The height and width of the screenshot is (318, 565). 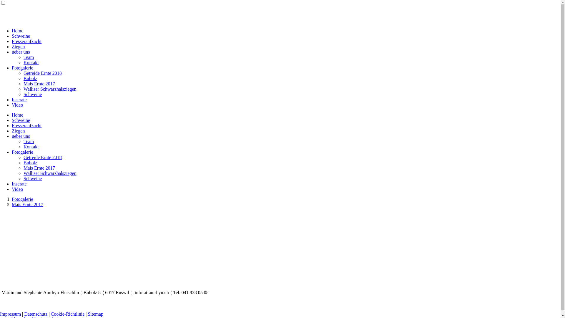 What do you see at coordinates (95, 314) in the screenshot?
I see `'Sitemap'` at bounding box center [95, 314].